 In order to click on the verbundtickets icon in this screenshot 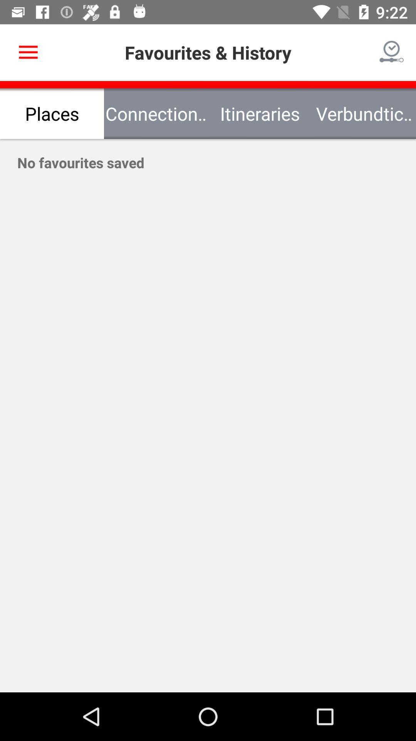, I will do `click(364, 113)`.